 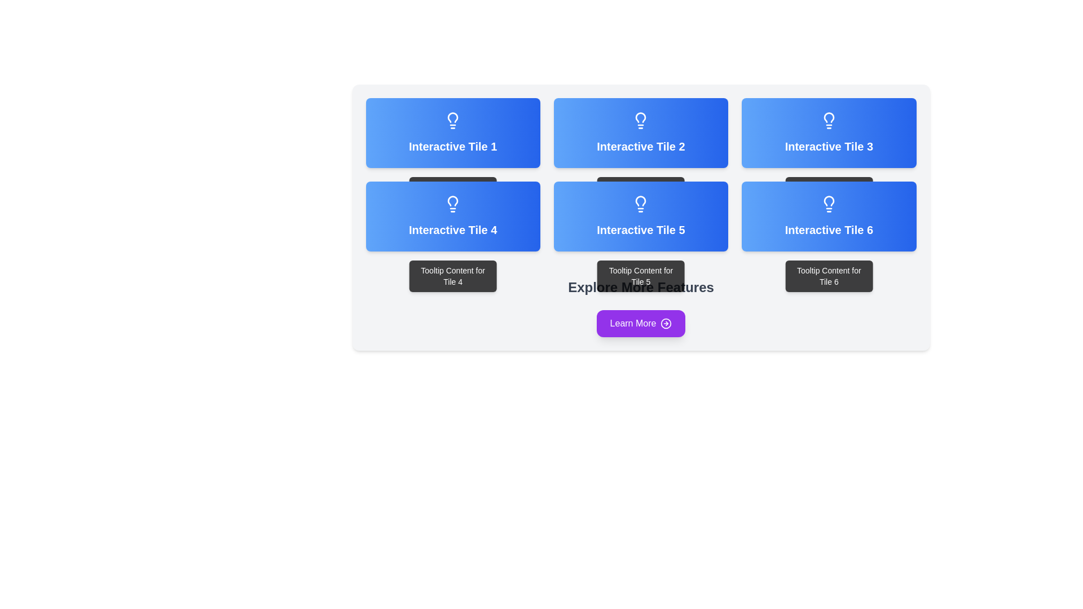 What do you see at coordinates (829, 230) in the screenshot?
I see `the text label 'Interactive Tile 6', which is styled in bold white text on a blue gradient background and is located in the bottom-right position of the sixth tile in a 2-row layout` at bounding box center [829, 230].